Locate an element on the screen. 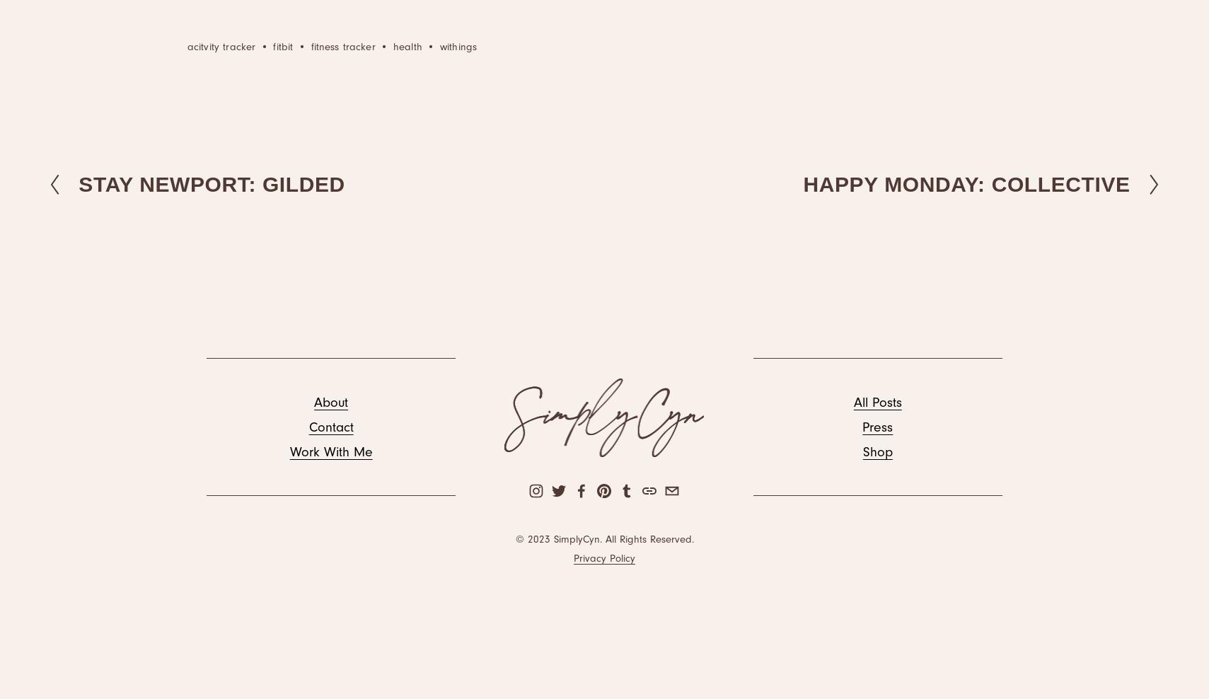 Image resolution: width=1209 pixels, height=699 pixels. 'HAPPY MONDAY: COLLECTIVE' is located at coordinates (802, 183).